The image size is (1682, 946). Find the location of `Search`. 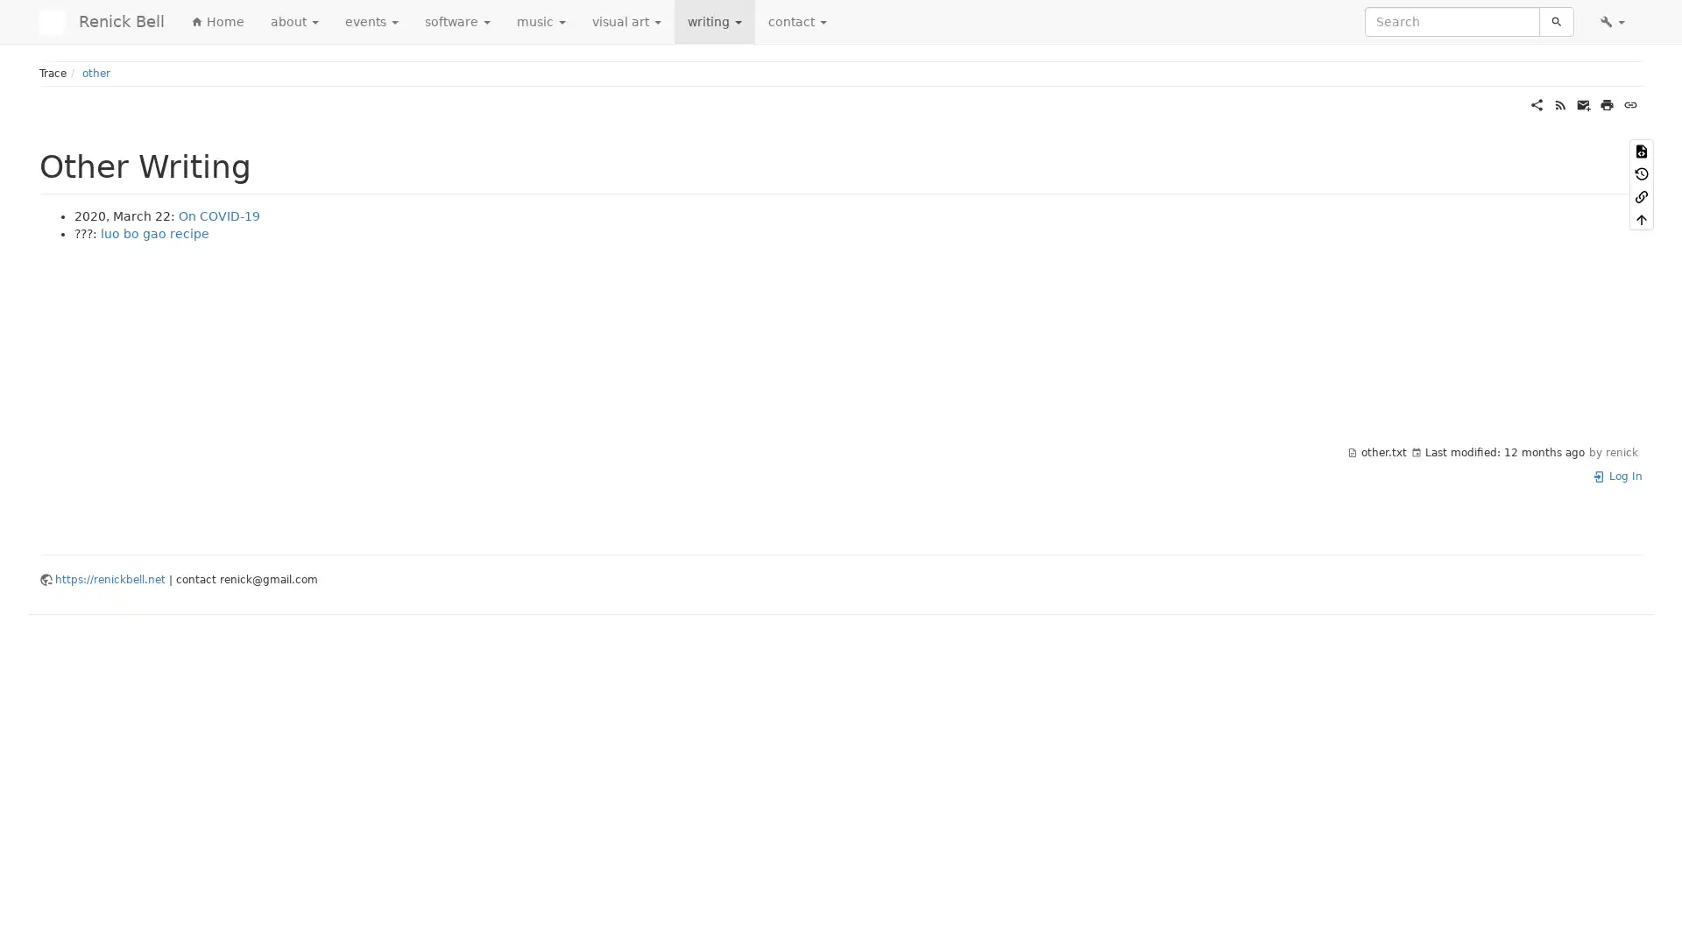

Search is located at coordinates (1556, 21).